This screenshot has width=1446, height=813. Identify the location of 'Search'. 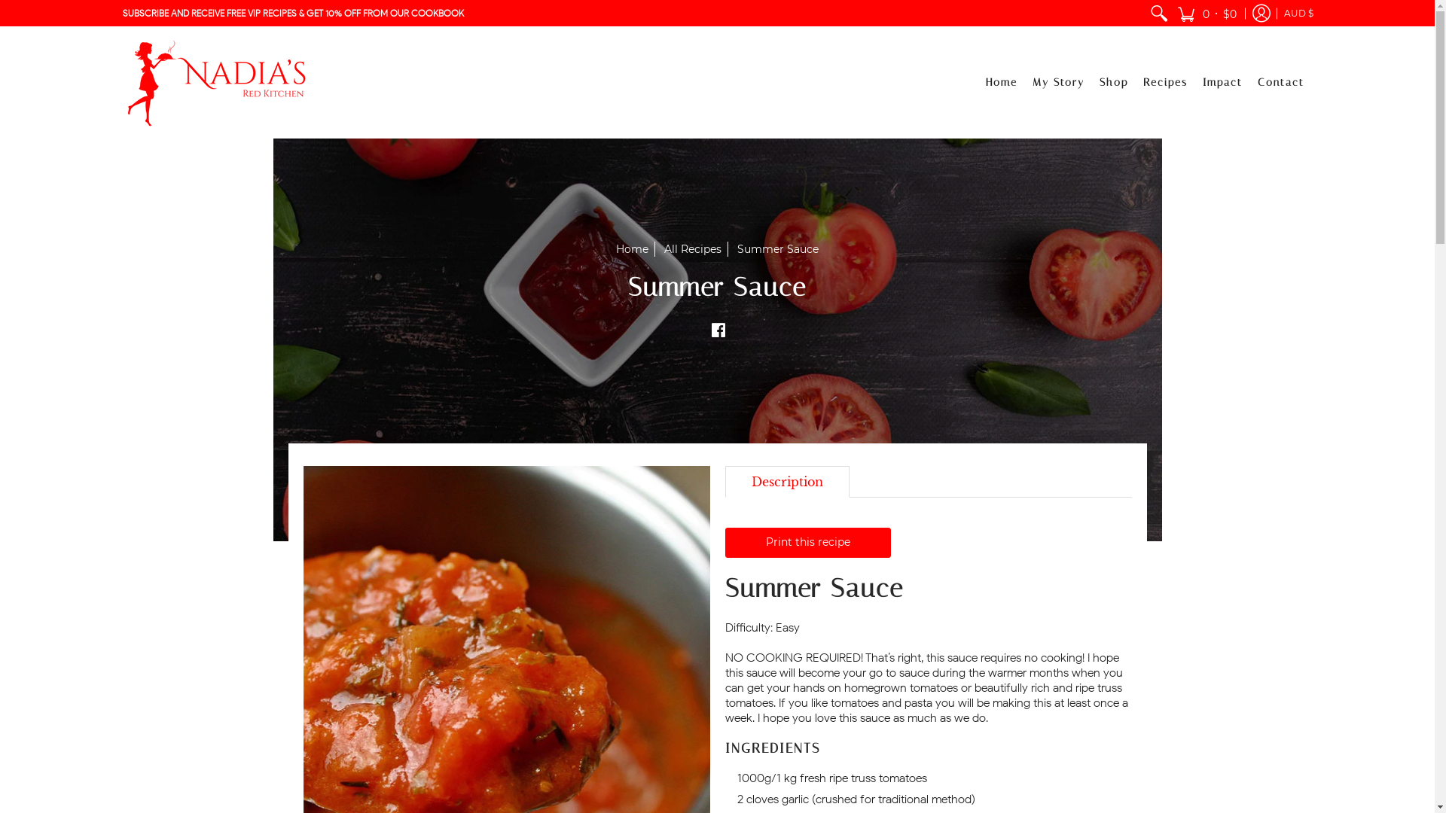
(1157, 13).